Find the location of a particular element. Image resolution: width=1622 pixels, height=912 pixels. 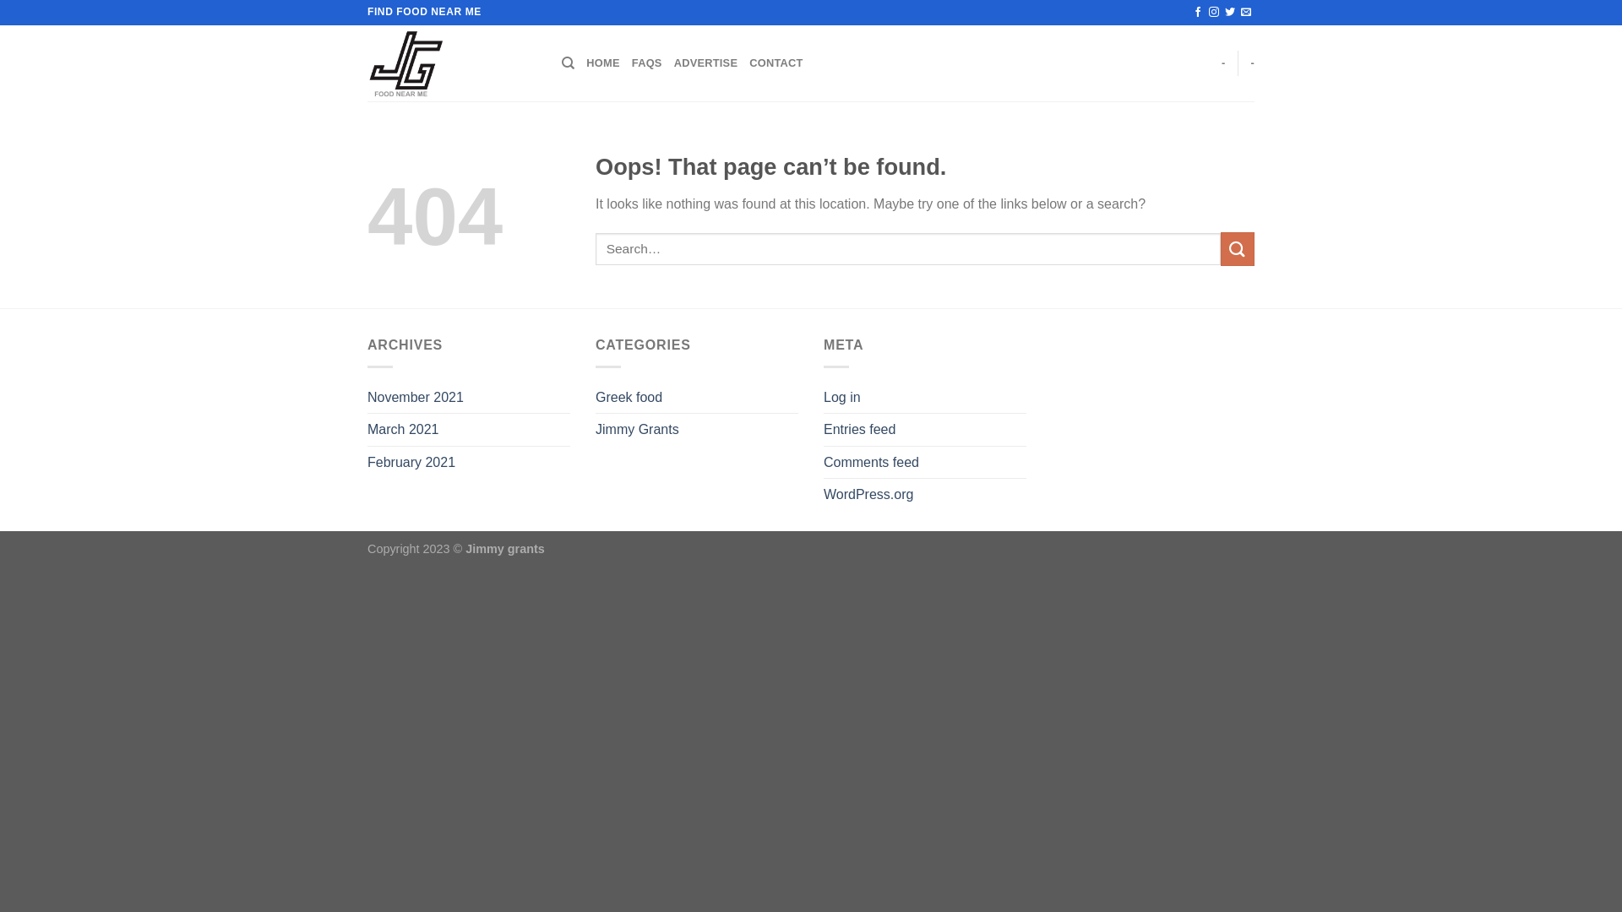

'CONTACT' is located at coordinates (775, 62).